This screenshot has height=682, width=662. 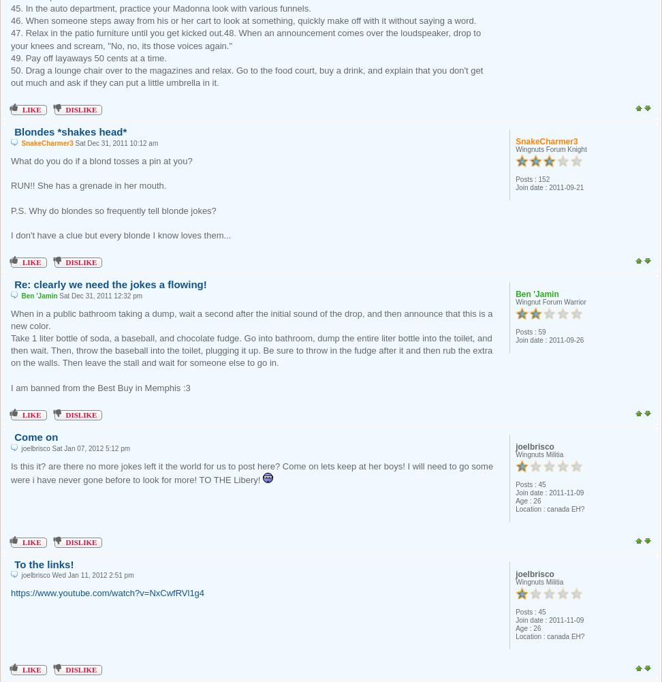 I want to click on '49. Pay off layaways 50 cents at a time.', so click(x=88, y=57).